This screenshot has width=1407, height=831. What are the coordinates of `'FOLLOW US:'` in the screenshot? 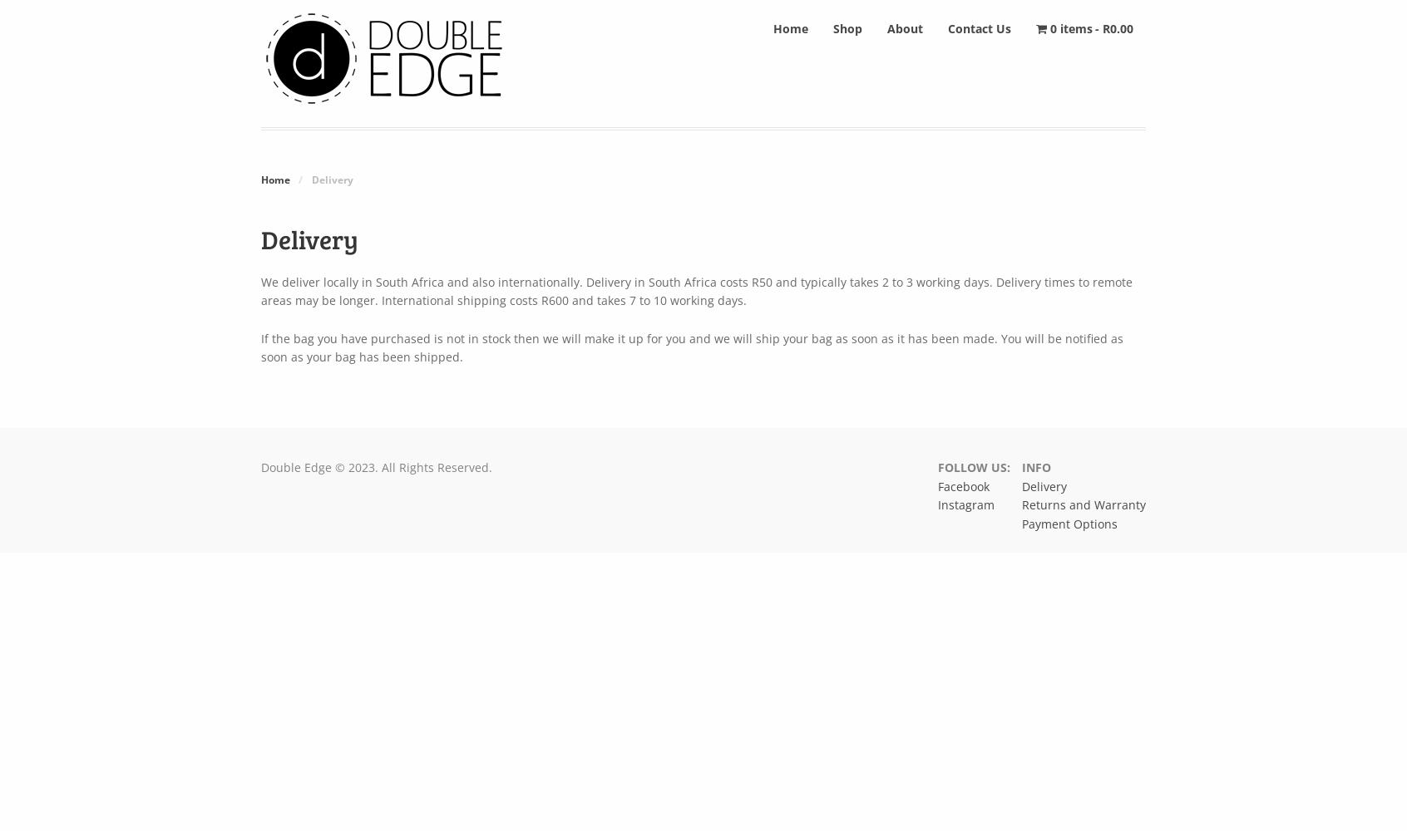 It's located at (937, 466).